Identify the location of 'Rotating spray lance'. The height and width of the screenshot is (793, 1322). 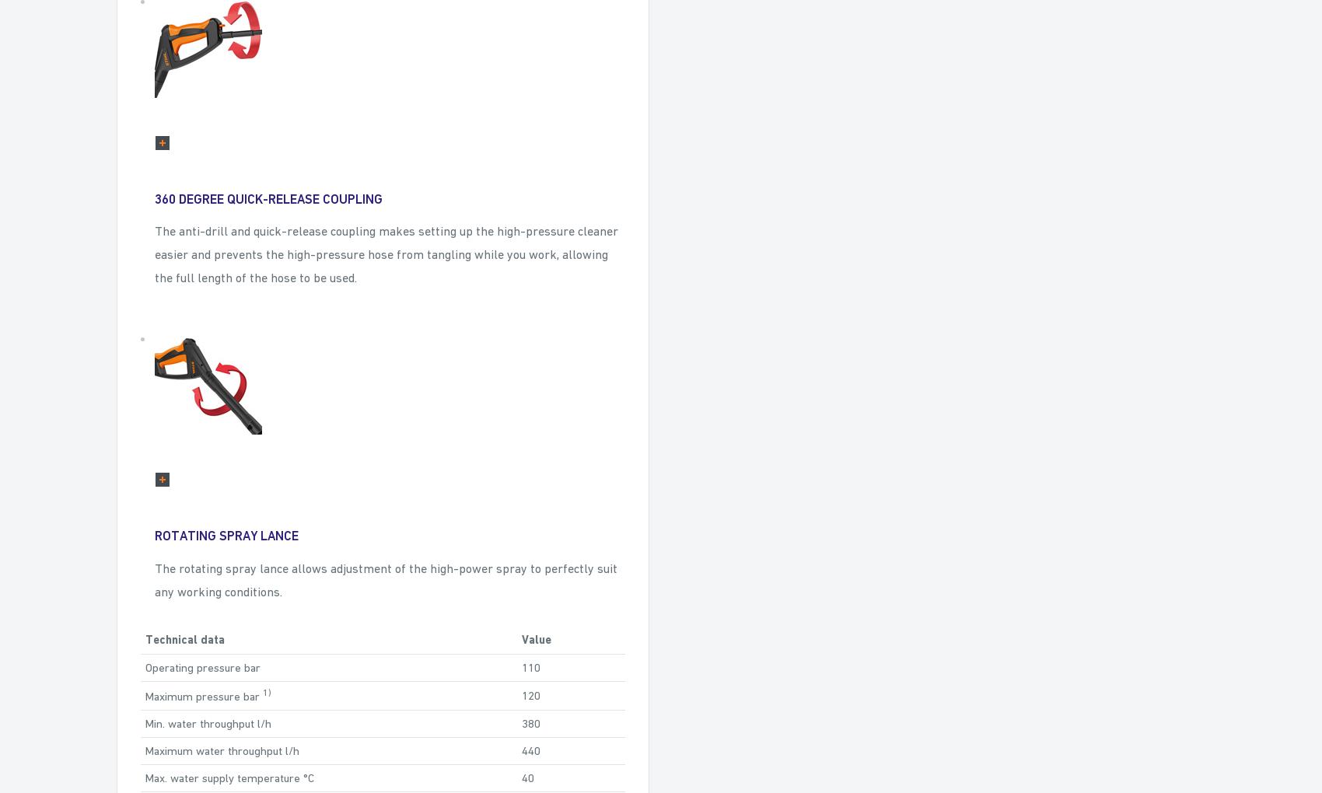
(154, 535).